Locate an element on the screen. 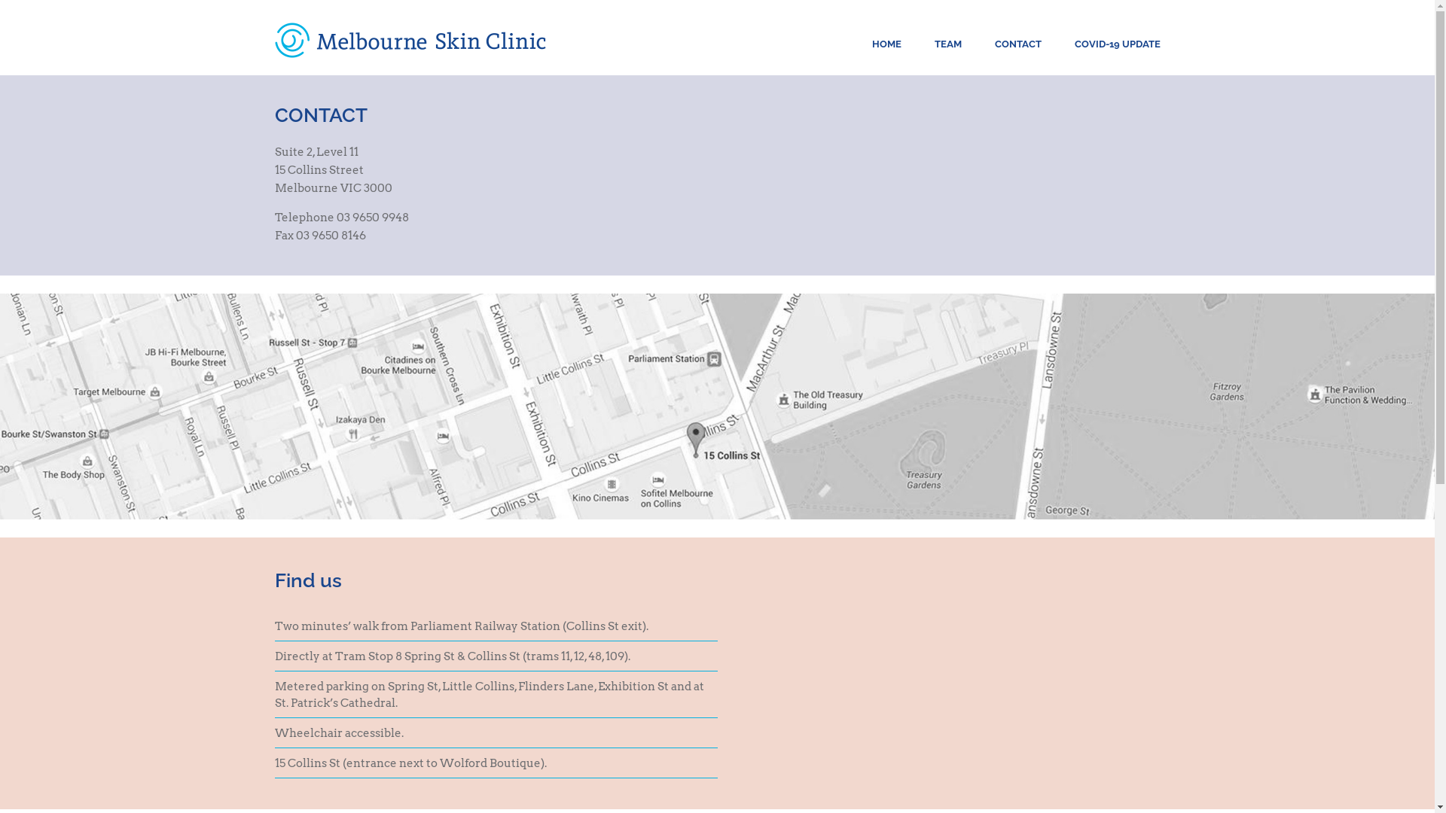 The image size is (1446, 813). 'HOME' is located at coordinates (886, 43).